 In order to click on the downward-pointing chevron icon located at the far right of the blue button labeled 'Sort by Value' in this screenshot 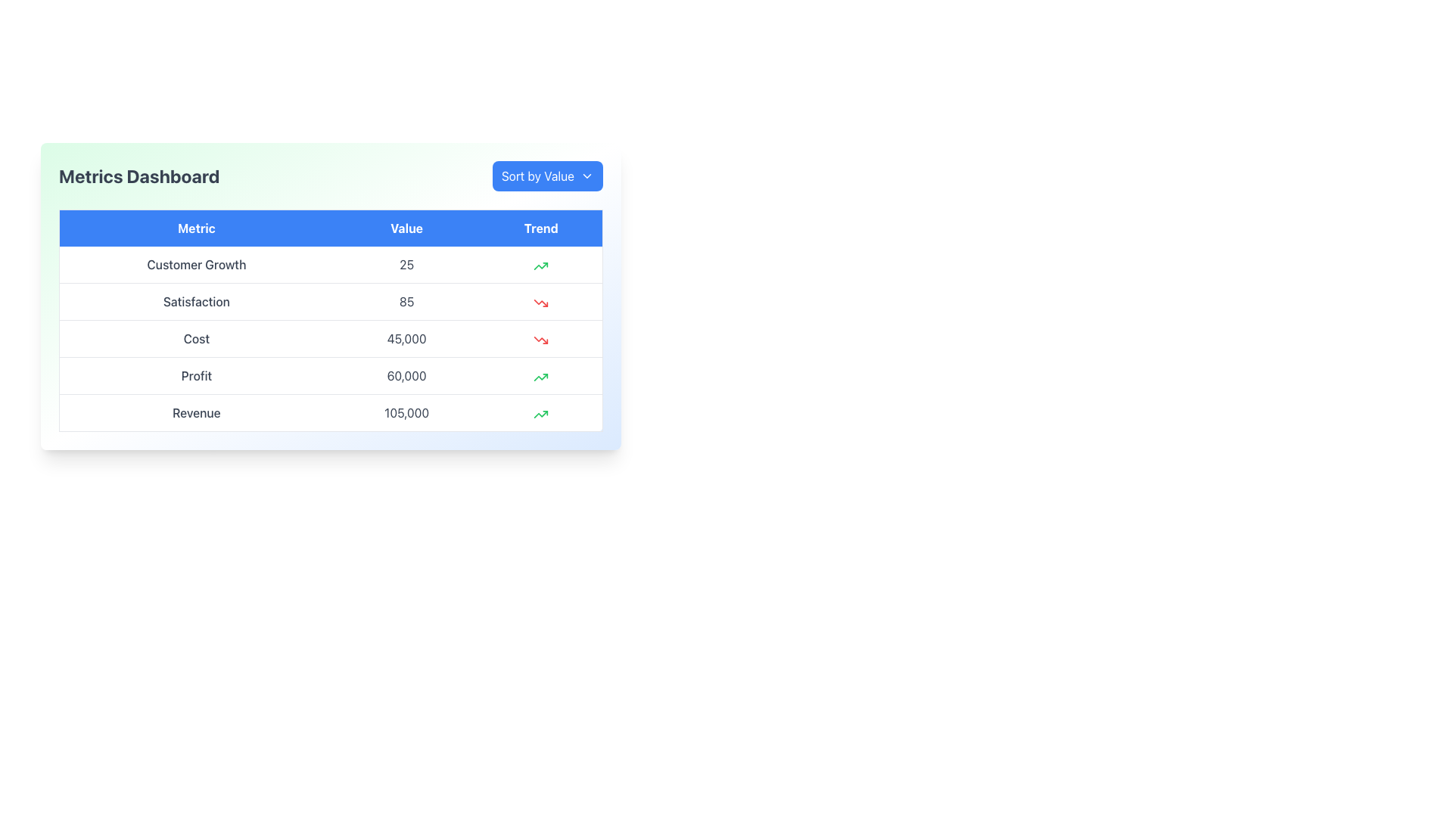, I will do `click(586, 175)`.